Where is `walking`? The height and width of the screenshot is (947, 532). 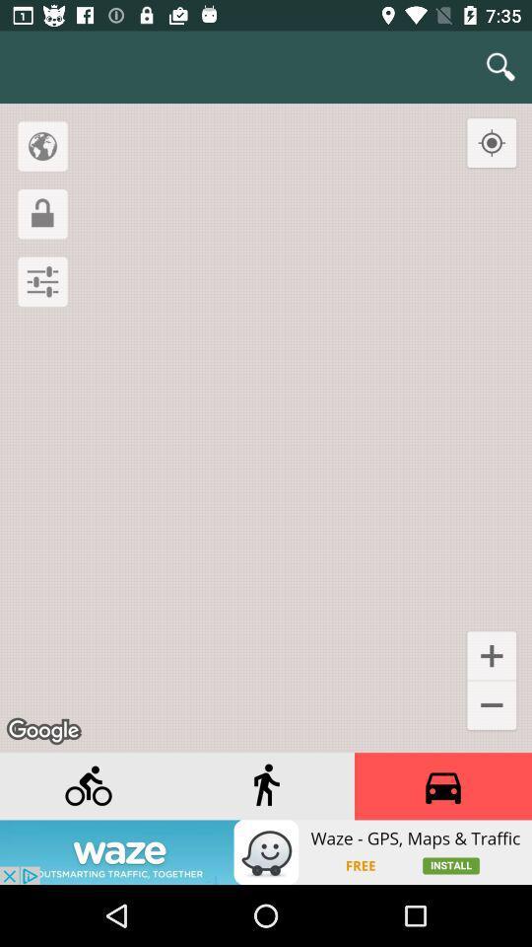 walking is located at coordinates (266, 786).